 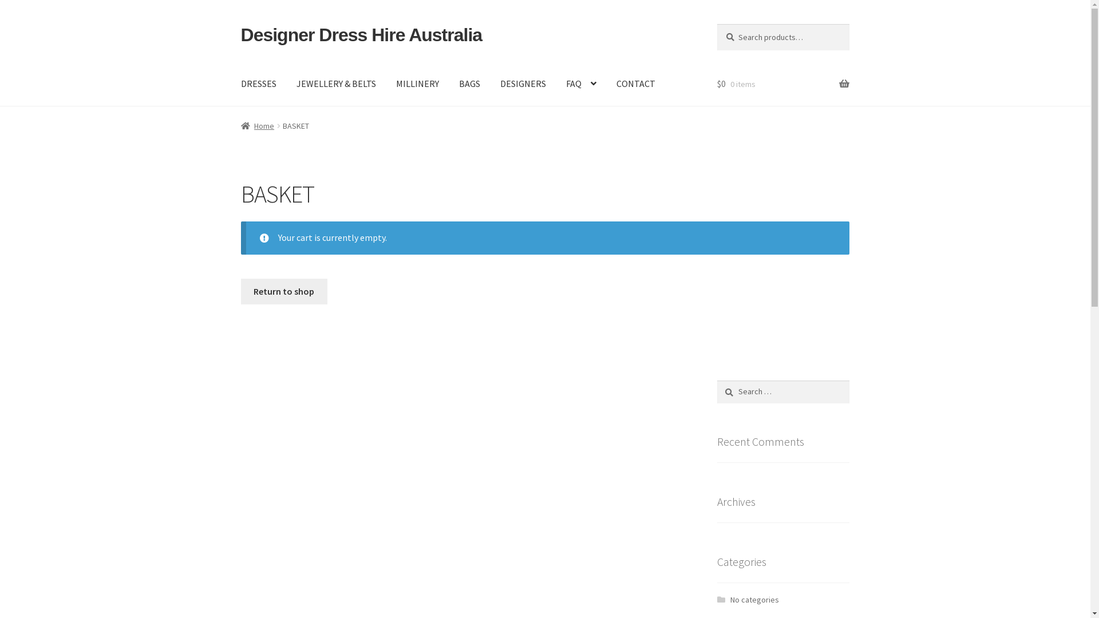 What do you see at coordinates (635, 83) in the screenshot?
I see `'CONTACT'` at bounding box center [635, 83].